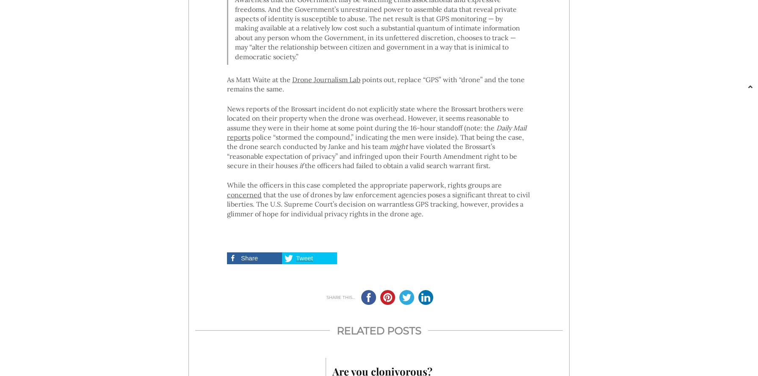 The height and width of the screenshot is (376, 758). Describe the element at coordinates (374, 141) in the screenshot. I see `'police “stormed the compound,” indicating the men were inside). That being the case, the drone search conducted by Janke and his team'` at that location.